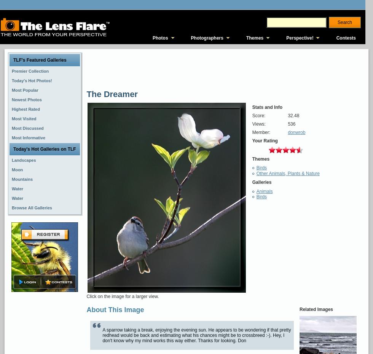  Describe the element at coordinates (11, 118) in the screenshot. I see `'Most Visited'` at that location.